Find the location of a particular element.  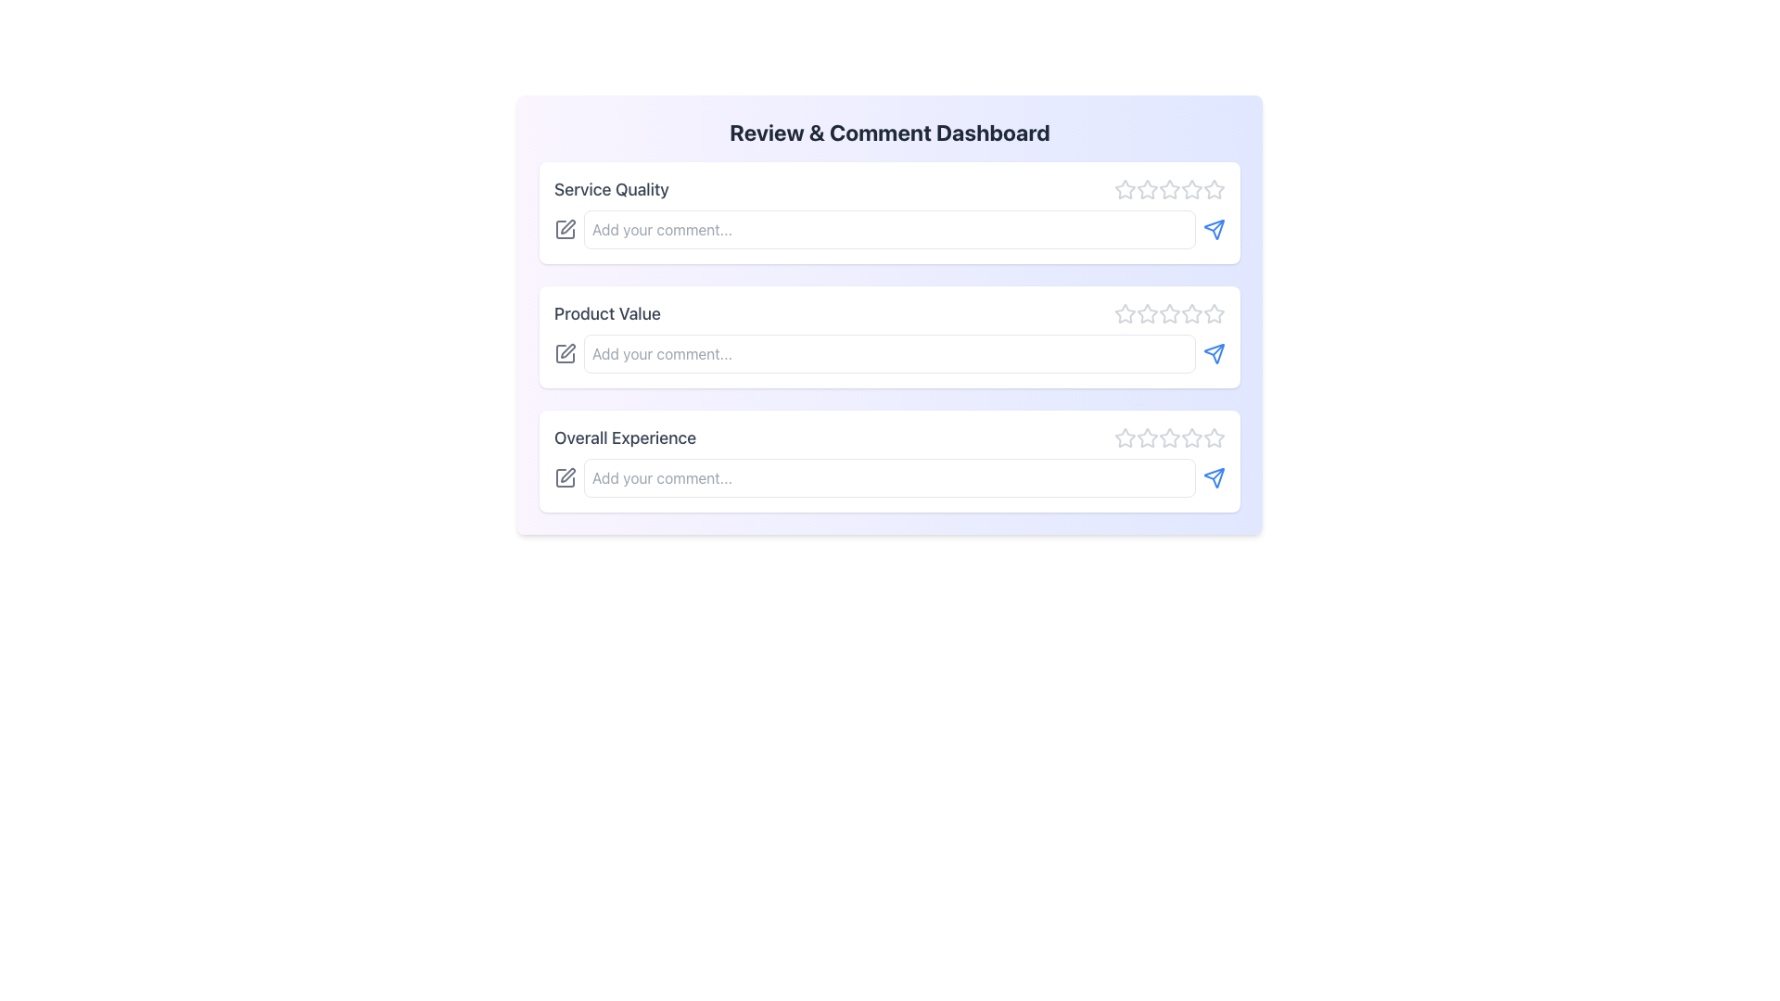

the sixth star in the 'Product Value' section is located at coordinates (1192, 313).